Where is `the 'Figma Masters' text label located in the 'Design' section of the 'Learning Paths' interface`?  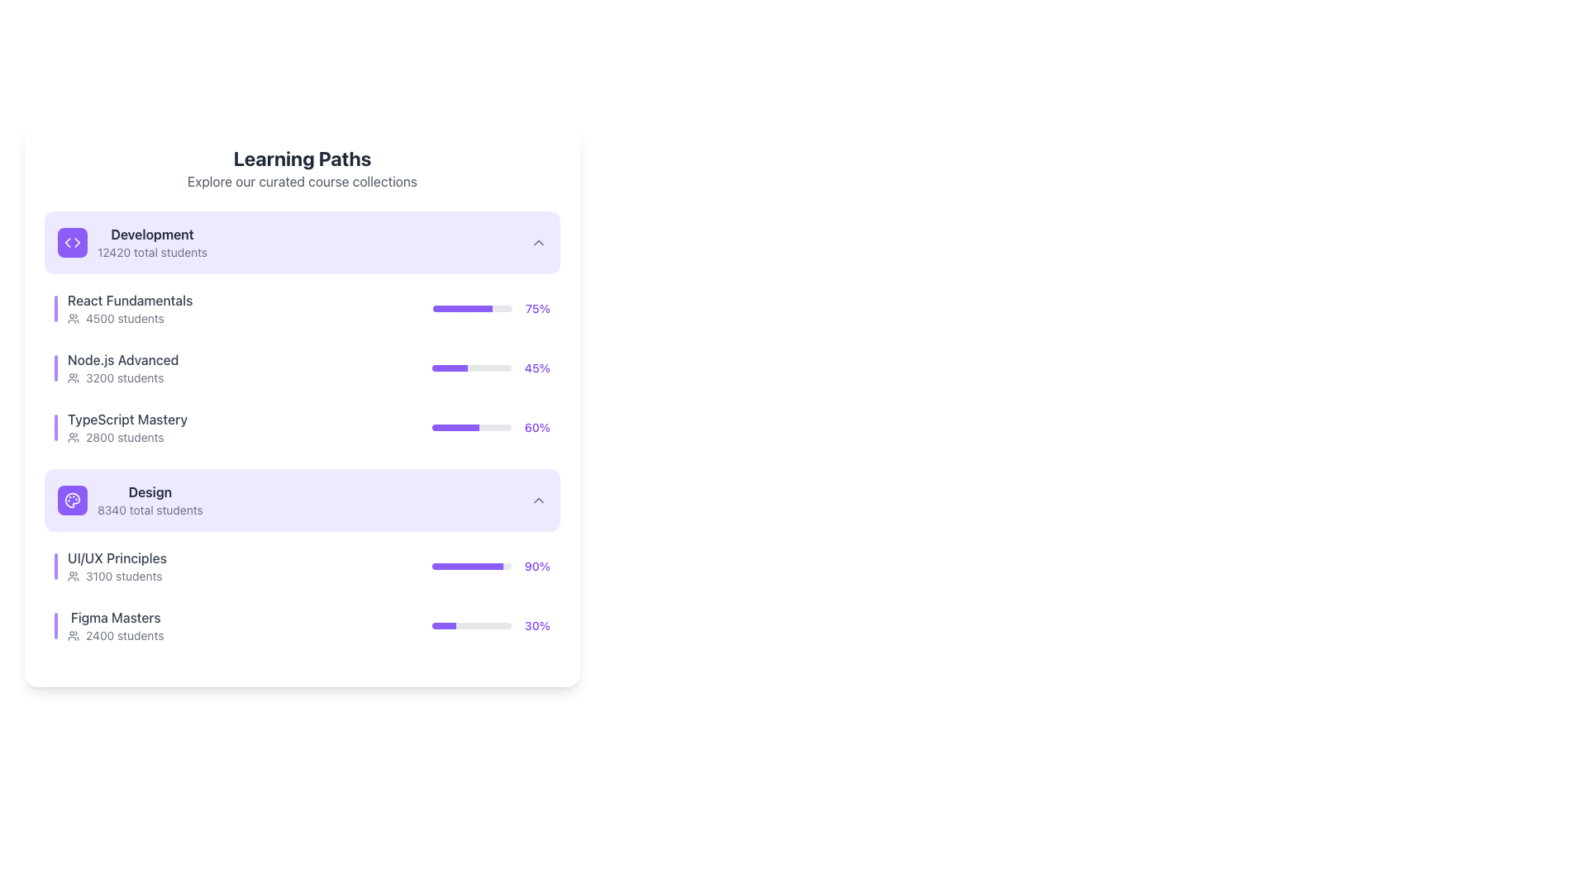
the 'Figma Masters' text label located in the 'Design' section of the 'Learning Paths' interface is located at coordinates (115, 626).